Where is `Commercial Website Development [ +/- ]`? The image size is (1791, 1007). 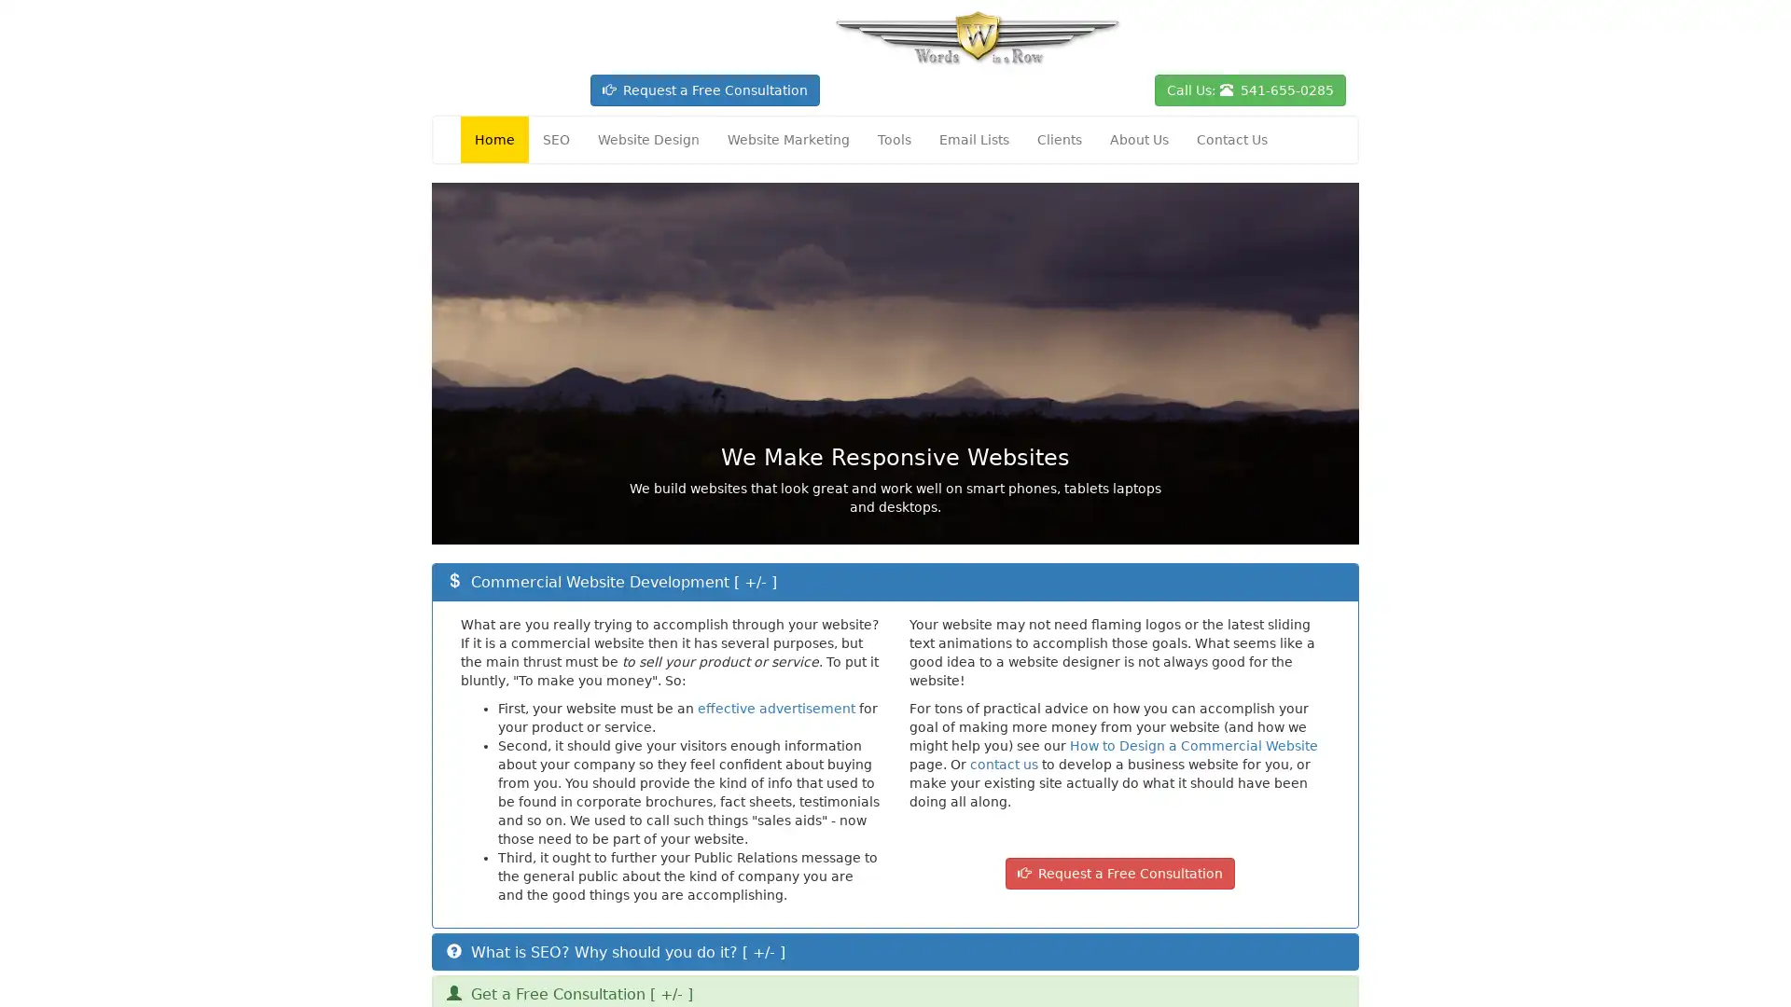
Commercial Website Development [ +/- ] is located at coordinates (612, 581).